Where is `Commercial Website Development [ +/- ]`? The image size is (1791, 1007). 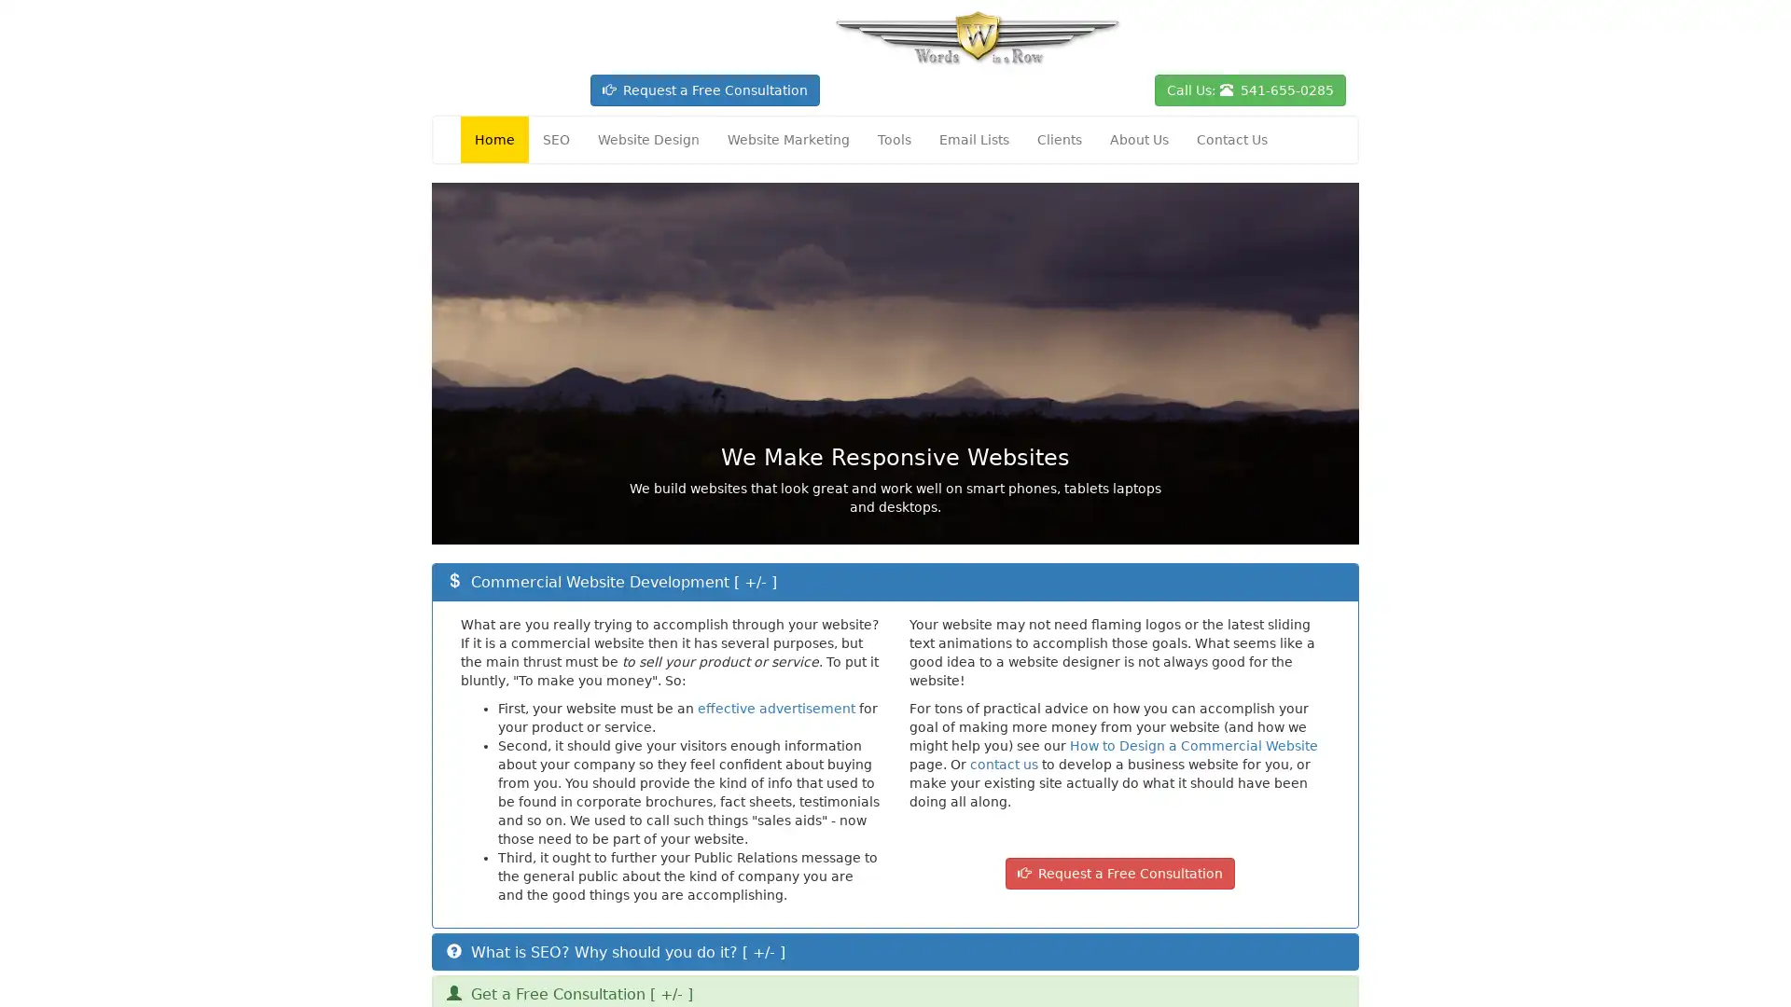
Commercial Website Development [ +/- ] is located at coordinates (612, 581).